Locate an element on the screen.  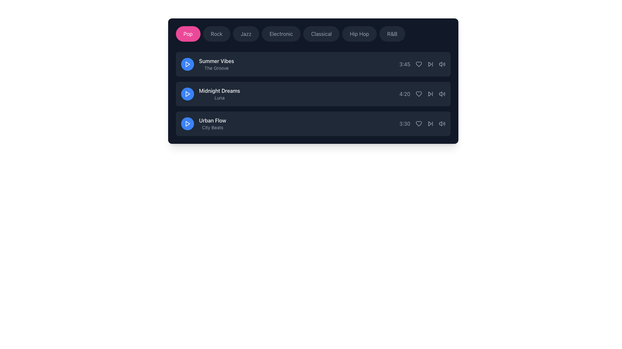
the heart-shaped icon located at the far-right end of the first song entry in the list is located at coordinates (419, 64).